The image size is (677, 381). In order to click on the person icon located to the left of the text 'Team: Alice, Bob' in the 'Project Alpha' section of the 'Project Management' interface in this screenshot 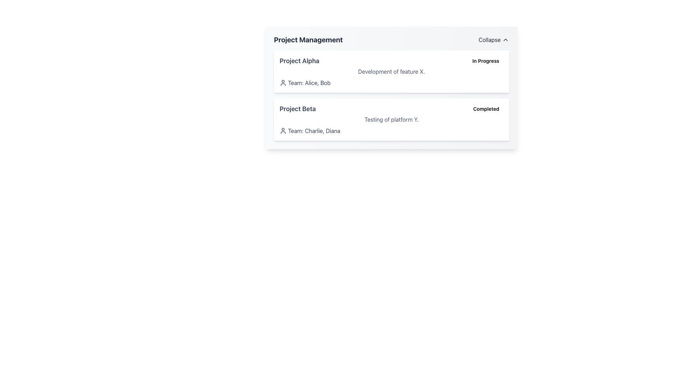, I will do `click(283, 83)`.